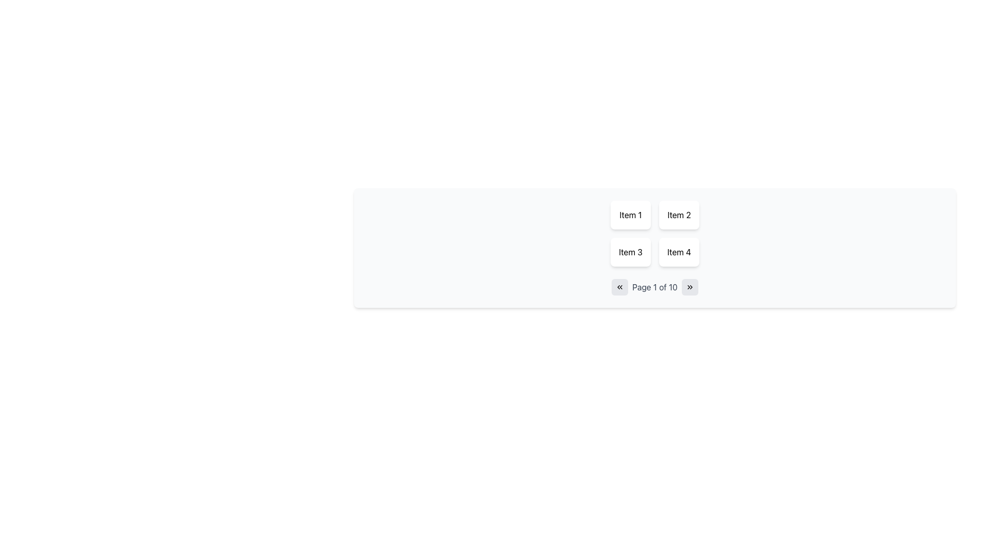 The image size is (991, 557). Describe the element at coordinates (679, 252) in the screenshot. I see `the button labeled 'Item 4' located in the second column of the second row of a two-column grid layout` at that location.